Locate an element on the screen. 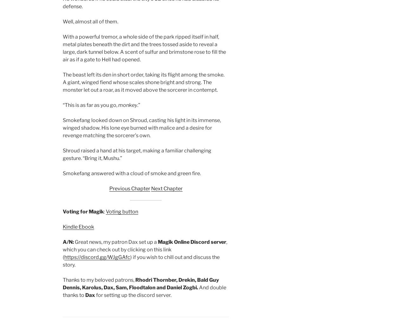  'Kindle Ebook' is located at coordinates (78, 227).